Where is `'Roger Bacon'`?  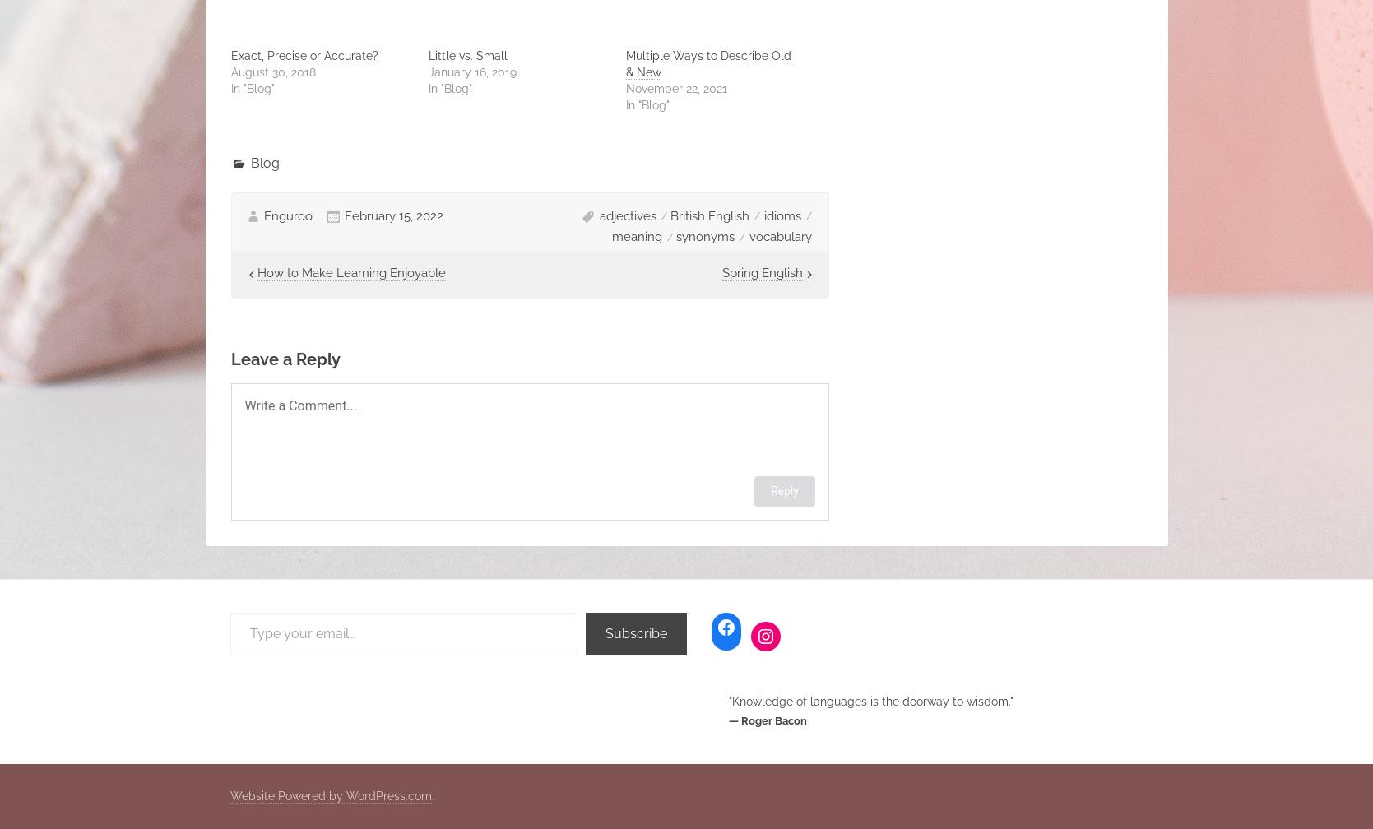
'Roger Bacon' is located at coordinates (772, 720).